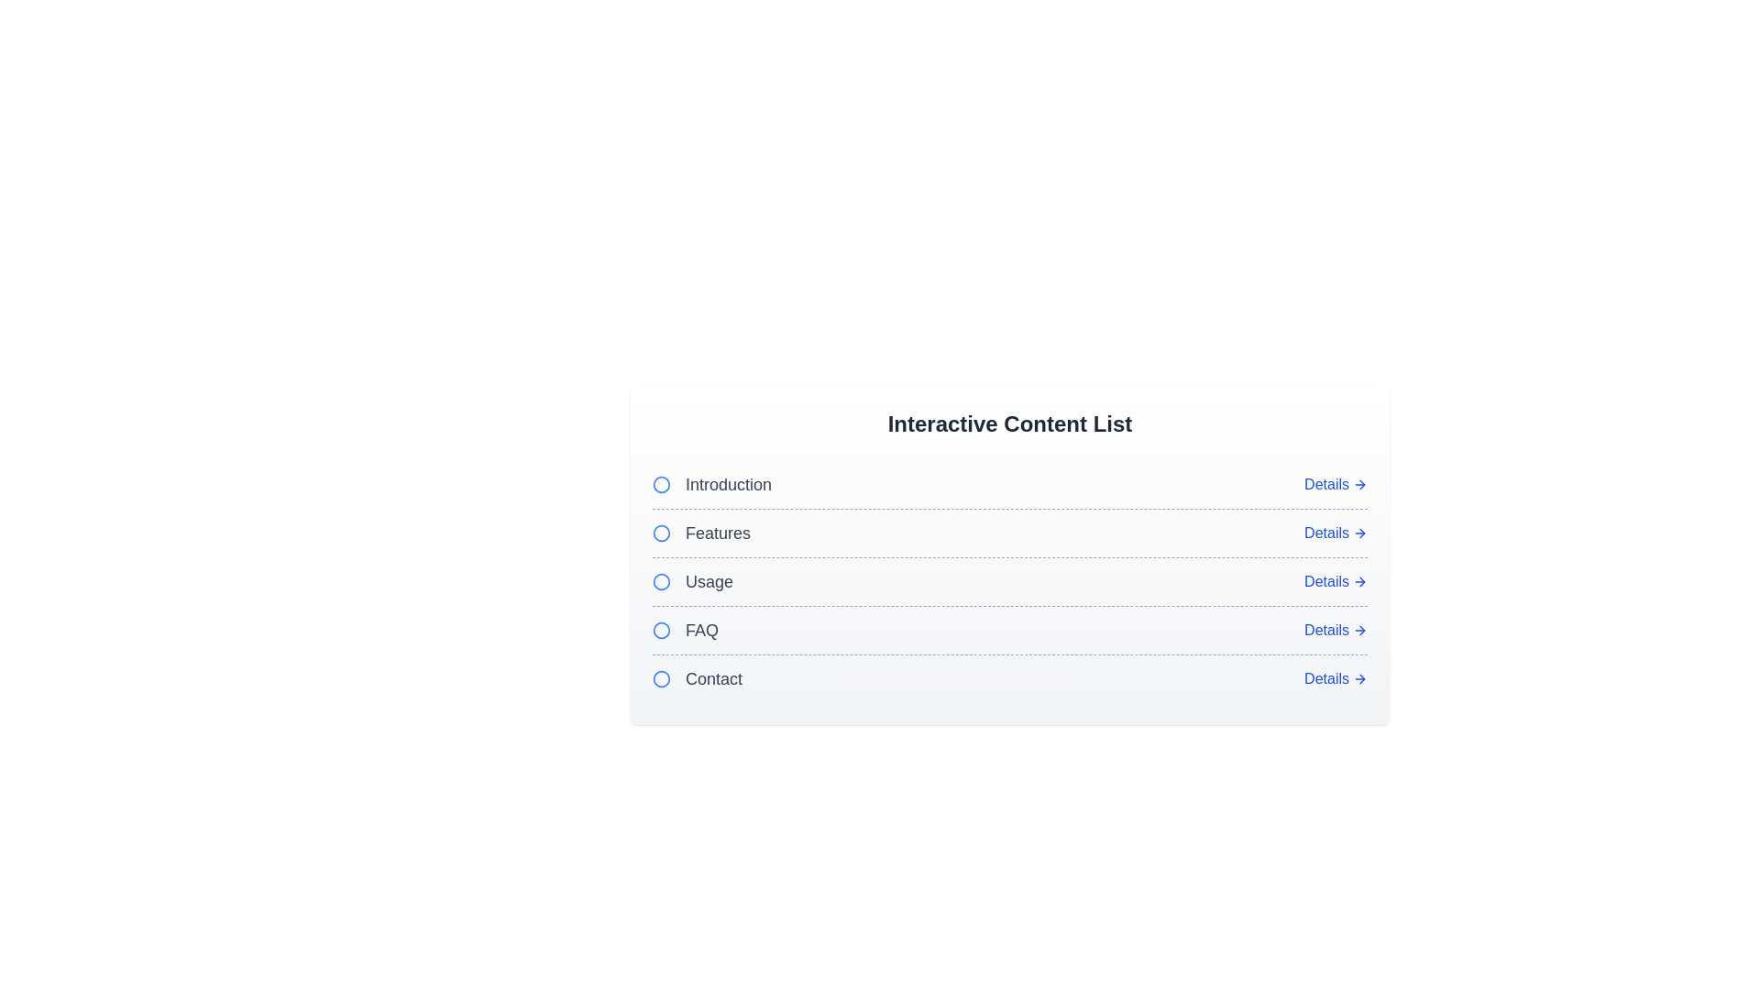  What do you see at coordinates (660, 582) in the screenshot?
I see `the blue outlined circular icon located next to the text 'Usage' in the vertical list of items` at bounding box center [660, 582].